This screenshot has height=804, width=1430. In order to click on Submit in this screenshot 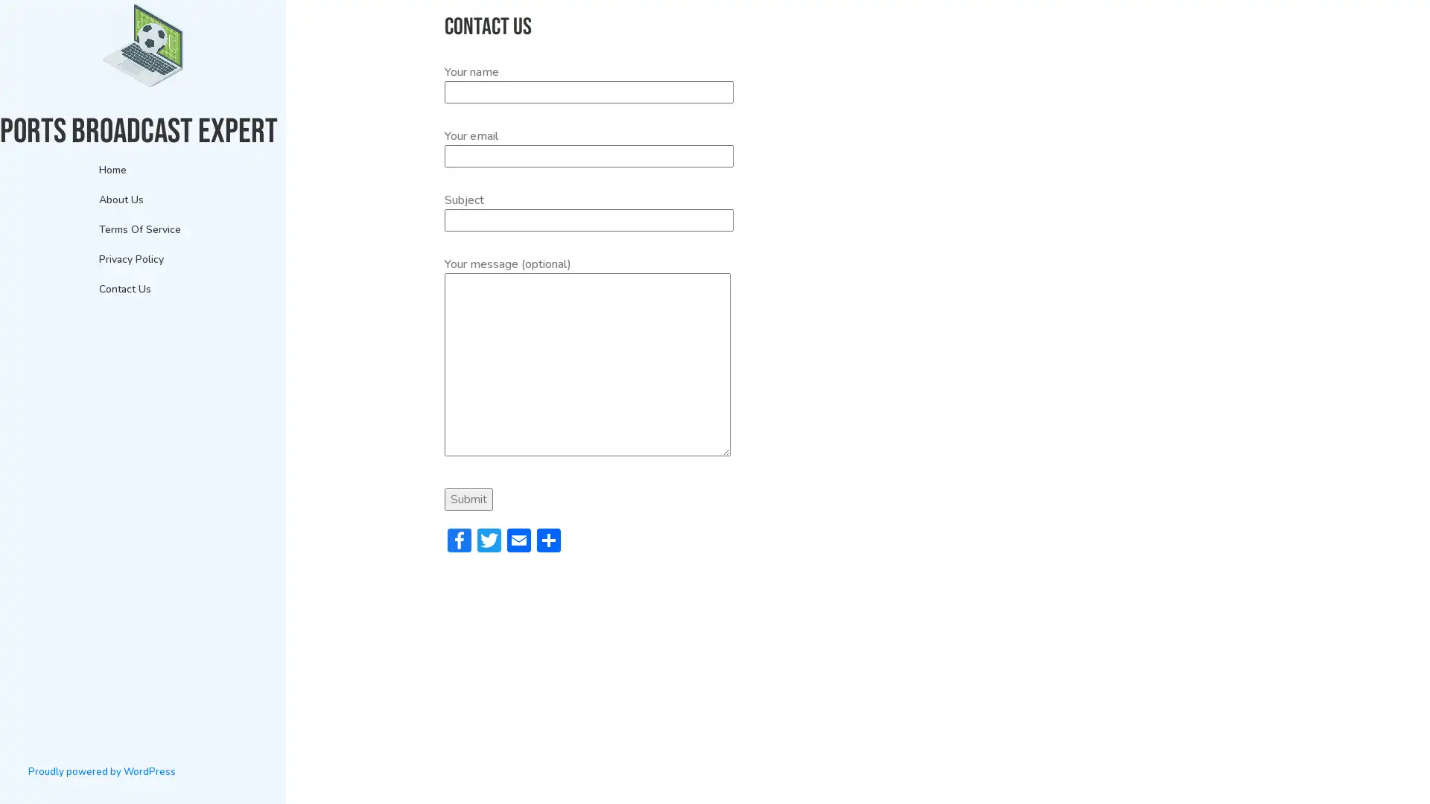, I will do `click(468, 499)`.